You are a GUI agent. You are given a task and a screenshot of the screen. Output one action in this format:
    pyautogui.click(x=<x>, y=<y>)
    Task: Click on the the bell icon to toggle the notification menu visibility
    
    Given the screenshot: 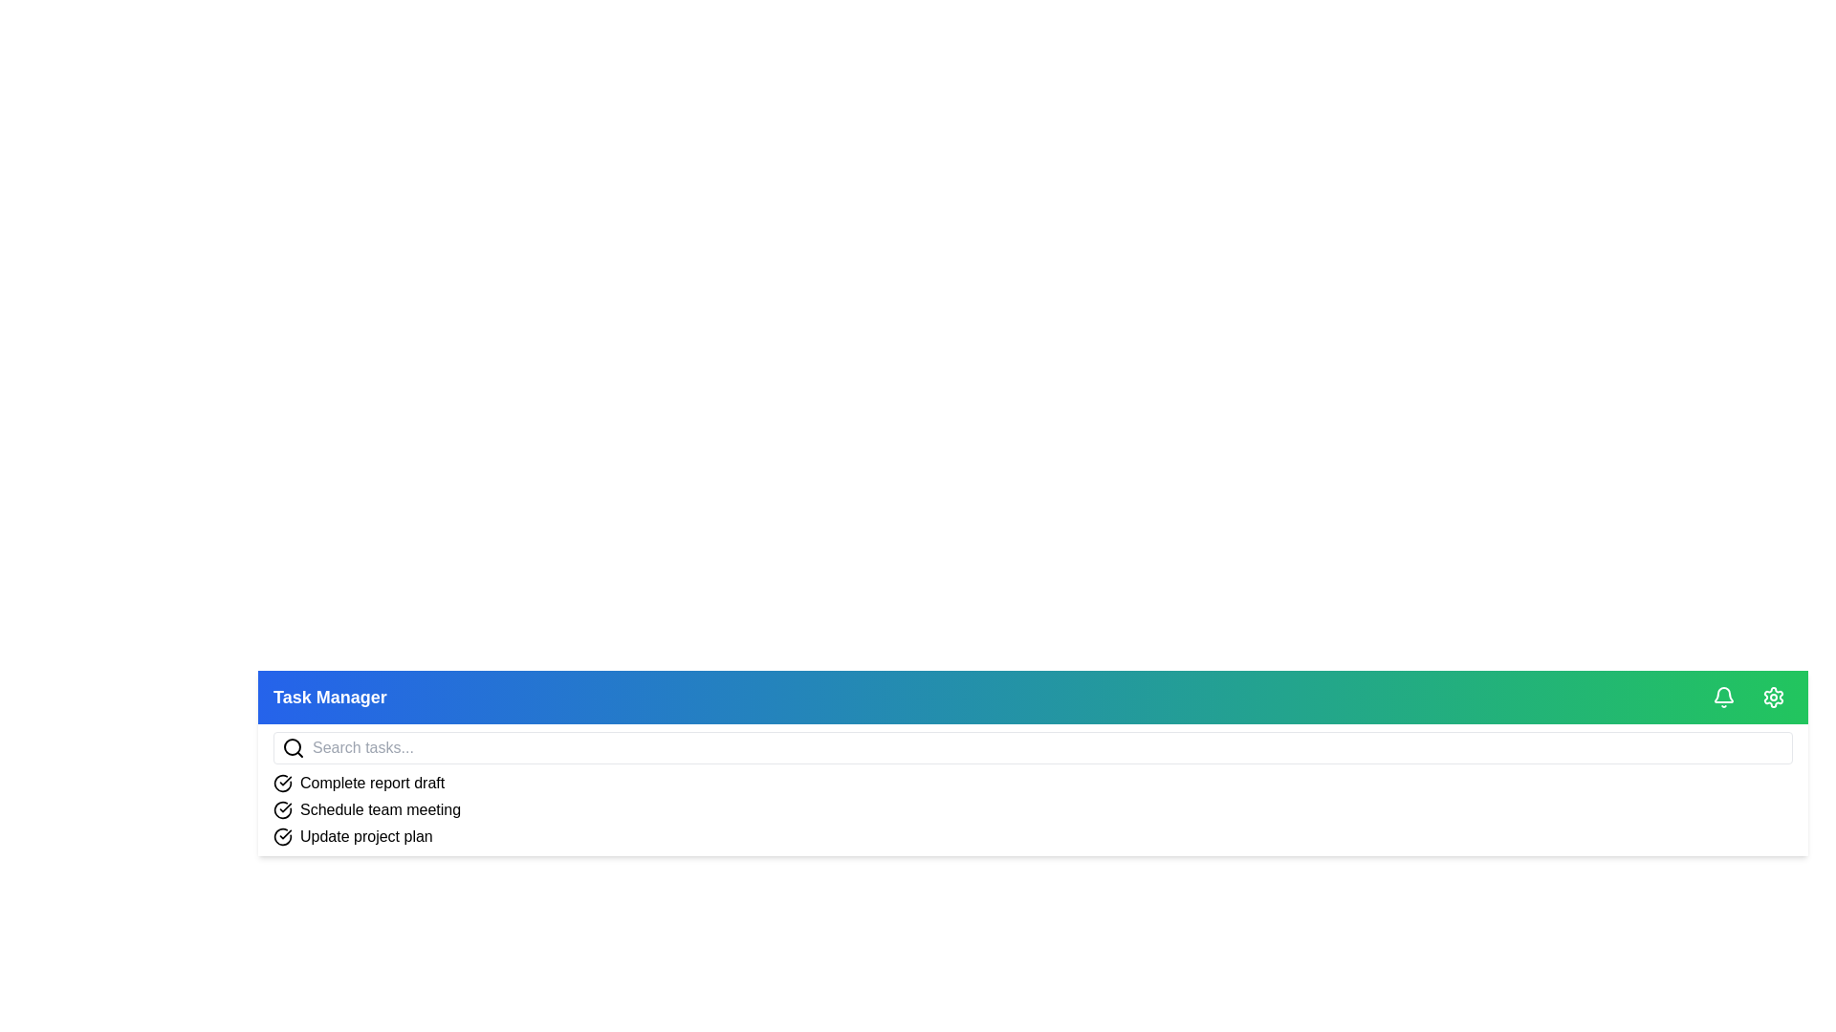 What is the action you would take?
    pyautogui.click(x=1724, y=697)
    